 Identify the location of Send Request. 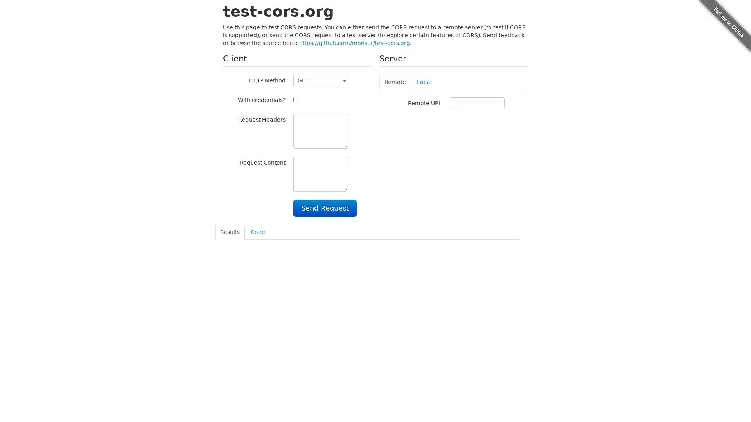
(325, 207).